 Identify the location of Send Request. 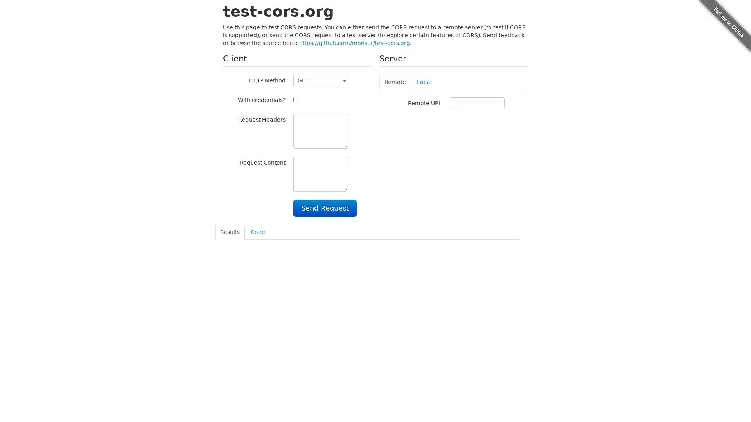
(325, 207).